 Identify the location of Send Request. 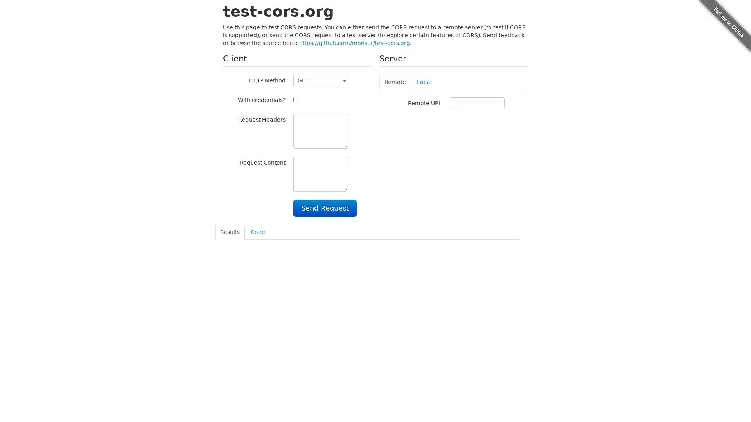
(325, 207).